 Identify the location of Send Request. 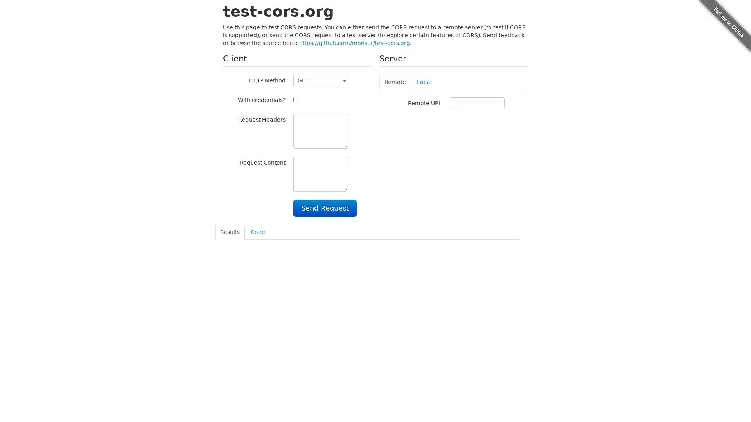
(325, 207).